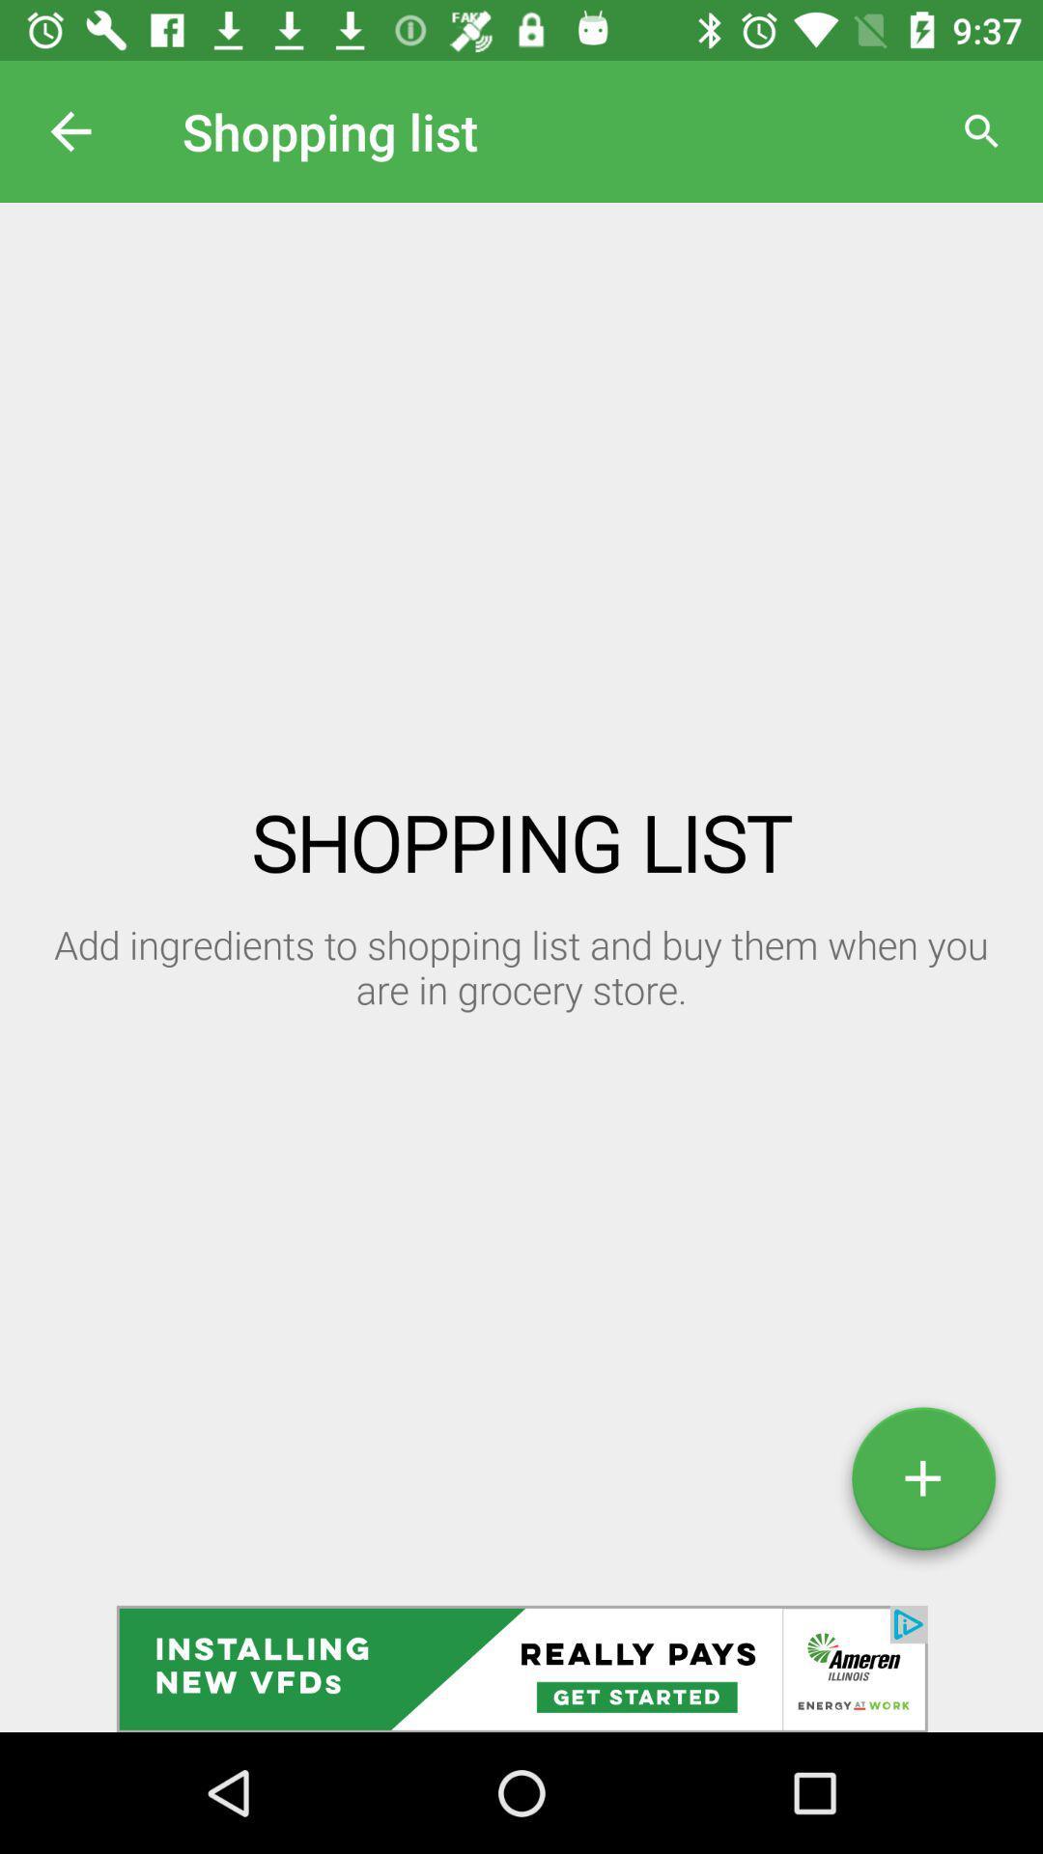  Describe the element at coordinates (922, 1485) in the screenshot. I see `the add icon` at that location.